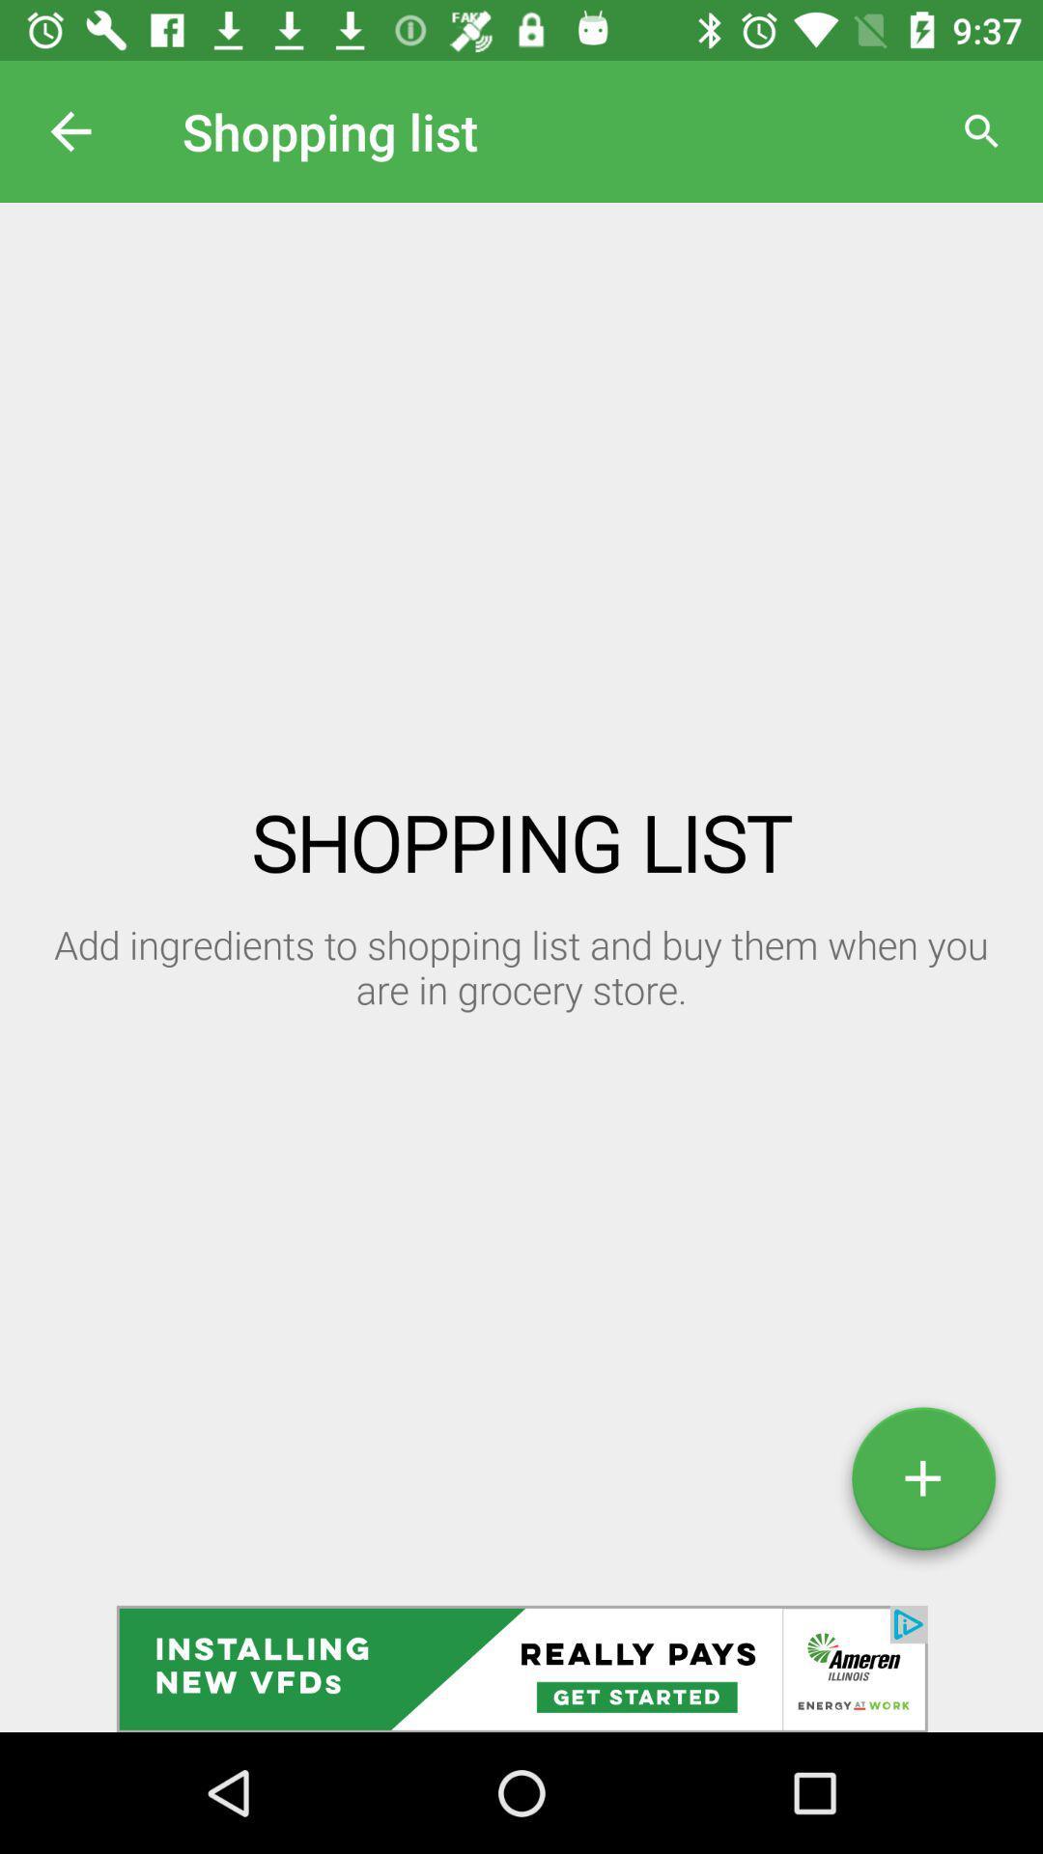  Describe the element at coordinates (922, 1485) in the screenshot. I see `the add icon` at that location.